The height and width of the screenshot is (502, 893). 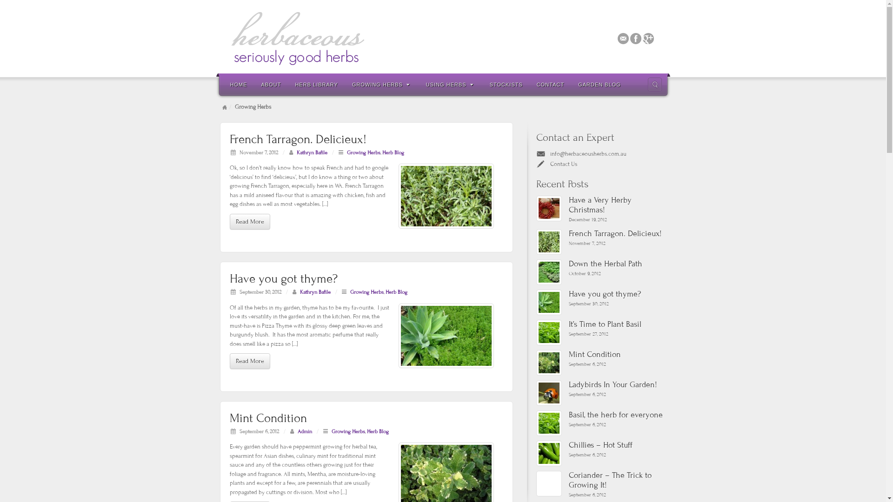 I want to click on 'Down the Herbal Path', so click(x=617, y=264).